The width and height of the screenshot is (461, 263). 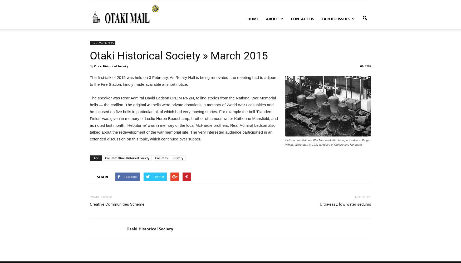 What do you see at coordinates (92, 66) in the screenshot?
I see `'By'` at bounding box center [92, 66].